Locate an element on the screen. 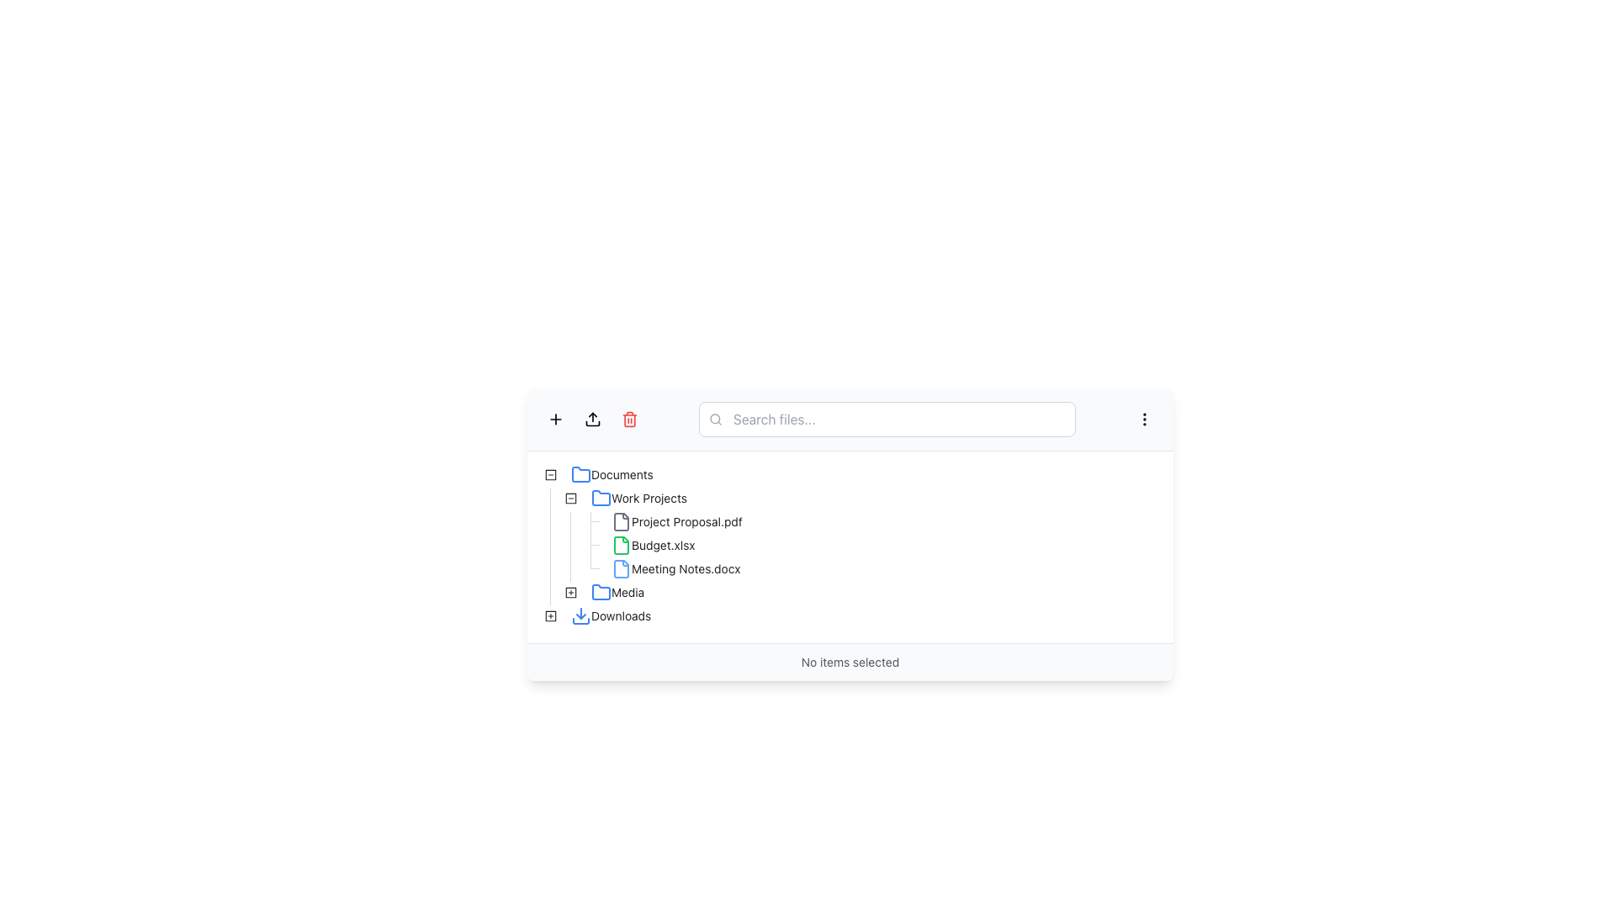  the button to the left of the 'Downloads' text node is located at coordinates (550, 615).